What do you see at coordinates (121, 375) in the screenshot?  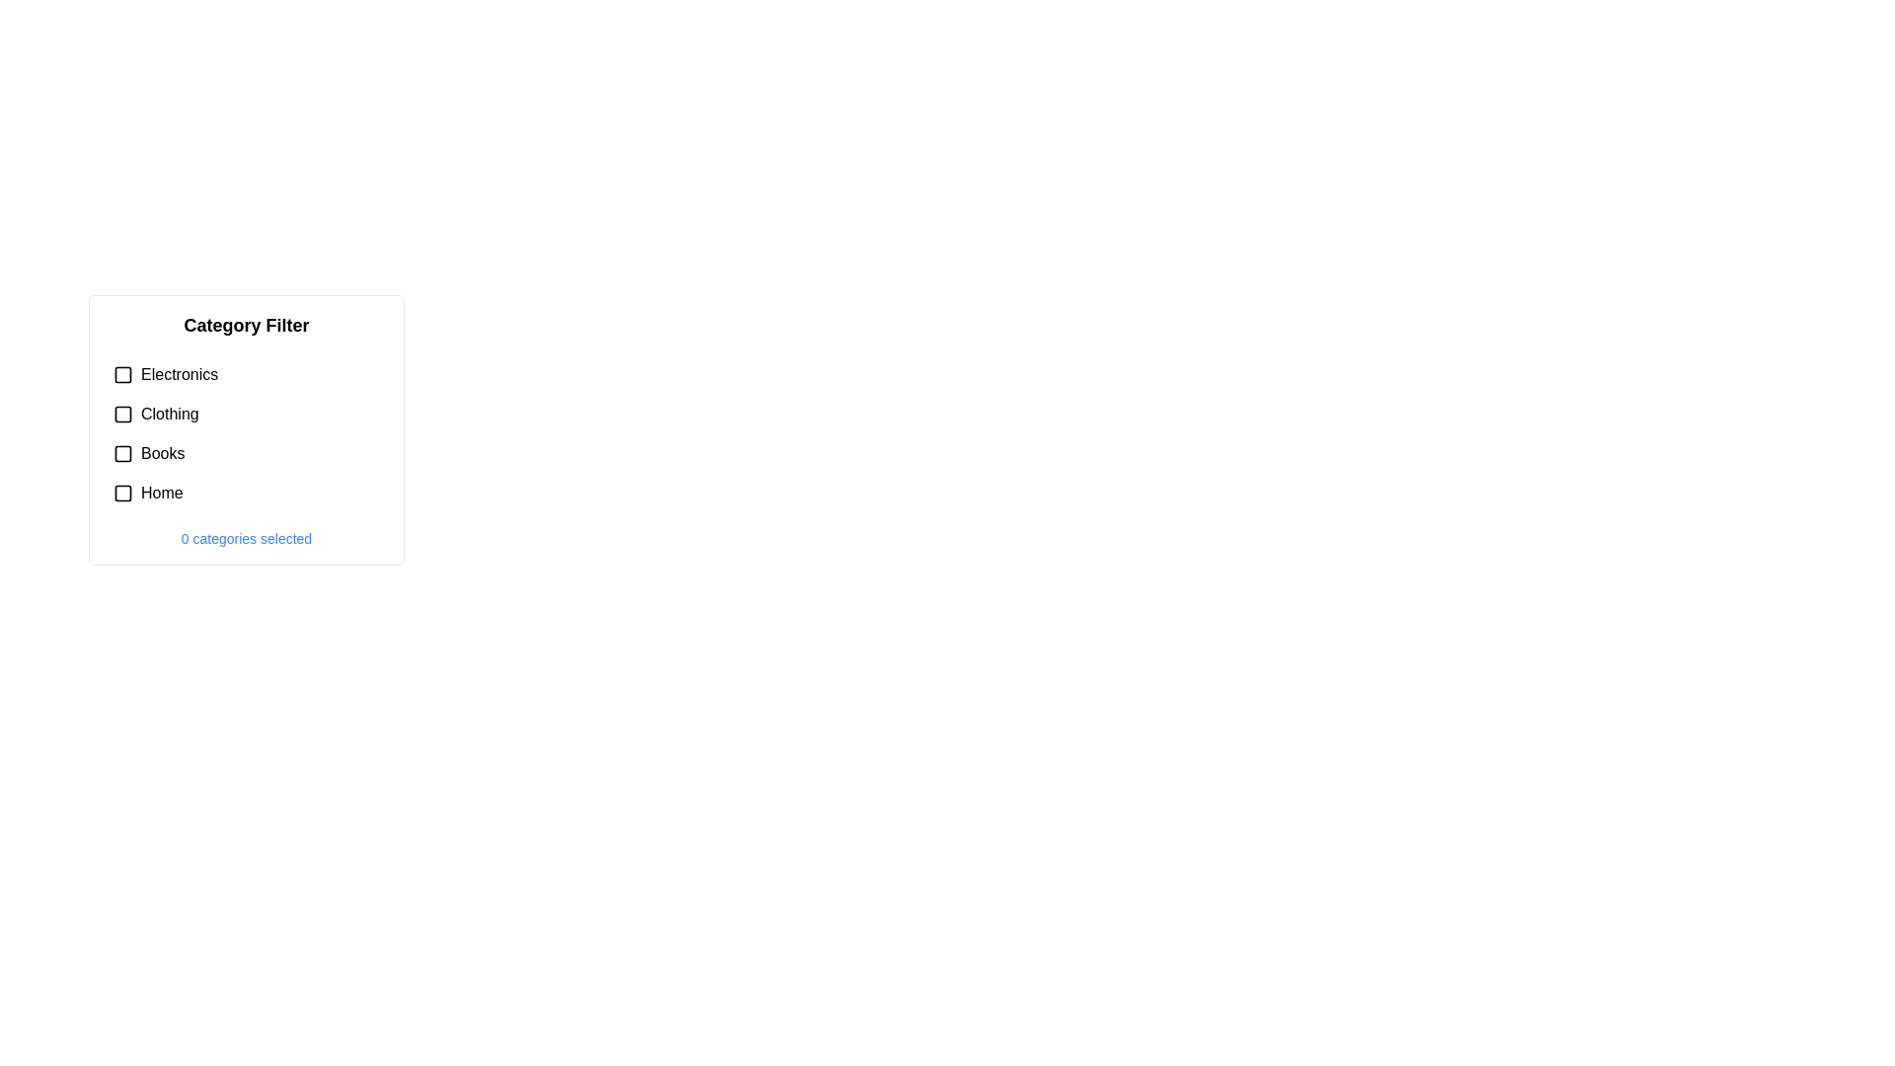 I see `the checkbox for the 'Electronics' category` at bounding box center [121, 375].